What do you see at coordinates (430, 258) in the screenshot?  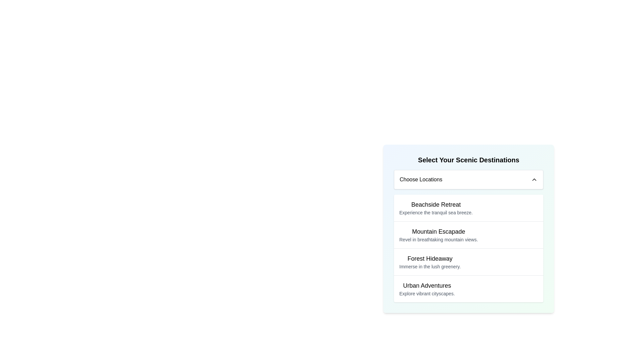 I see `text of the label located above 'Immerse in the lush greenery' within the 'Select Your Scenic Destinations' section` at bounding box center [430, 258].